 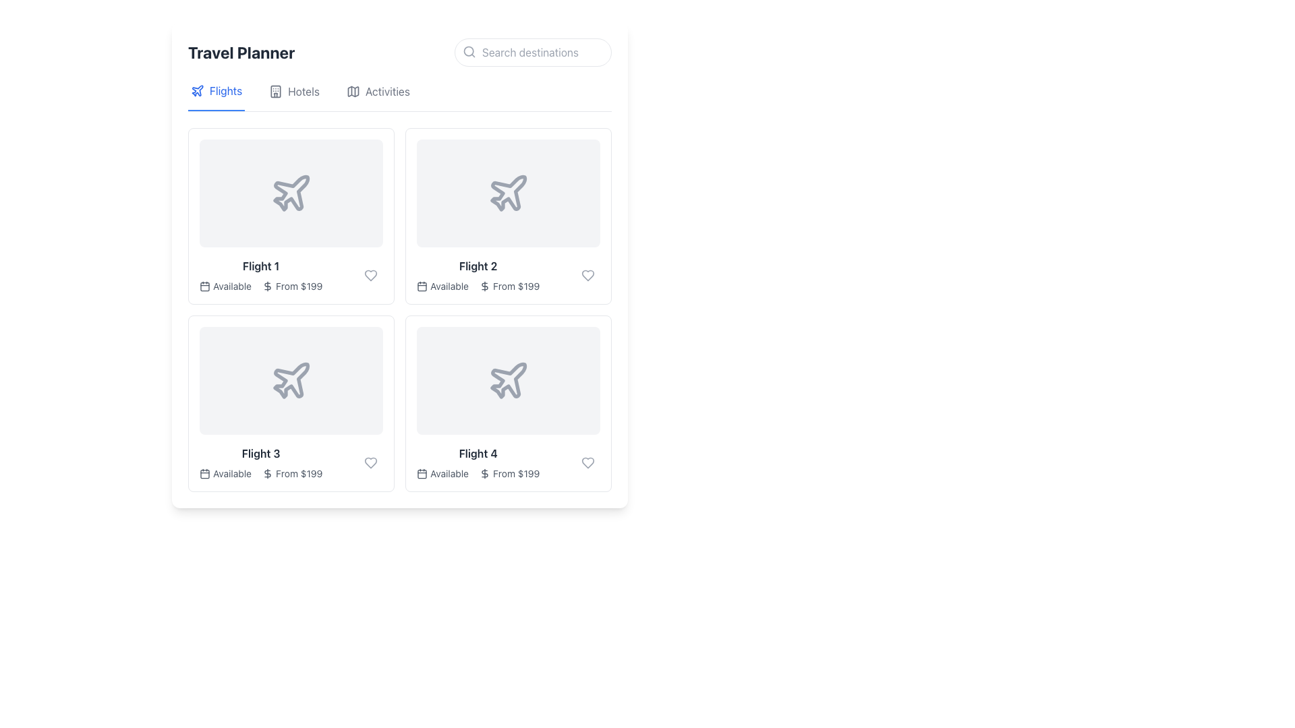 I want to click on the small dollar sign icon, which is styled in an outline design, located next to the text 'From $199' in the bottom section of the fourth flight card, so click(x=485, y=473).